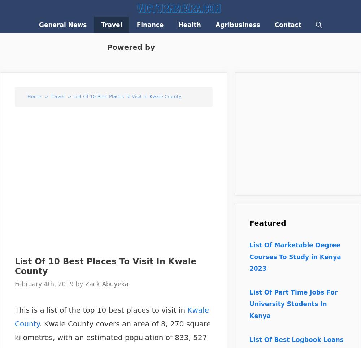 The height and width of the screenshot is (348, 361). I want to click on 'List Of Part Time Jobs For University Students In Kenya', so click(293, 303).